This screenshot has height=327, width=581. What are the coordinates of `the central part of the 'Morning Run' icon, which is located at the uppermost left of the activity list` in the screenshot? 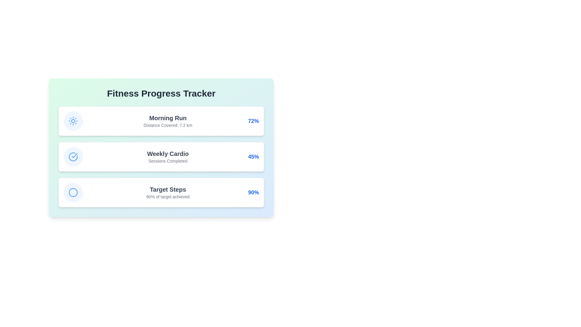 It's located at (73, 121).